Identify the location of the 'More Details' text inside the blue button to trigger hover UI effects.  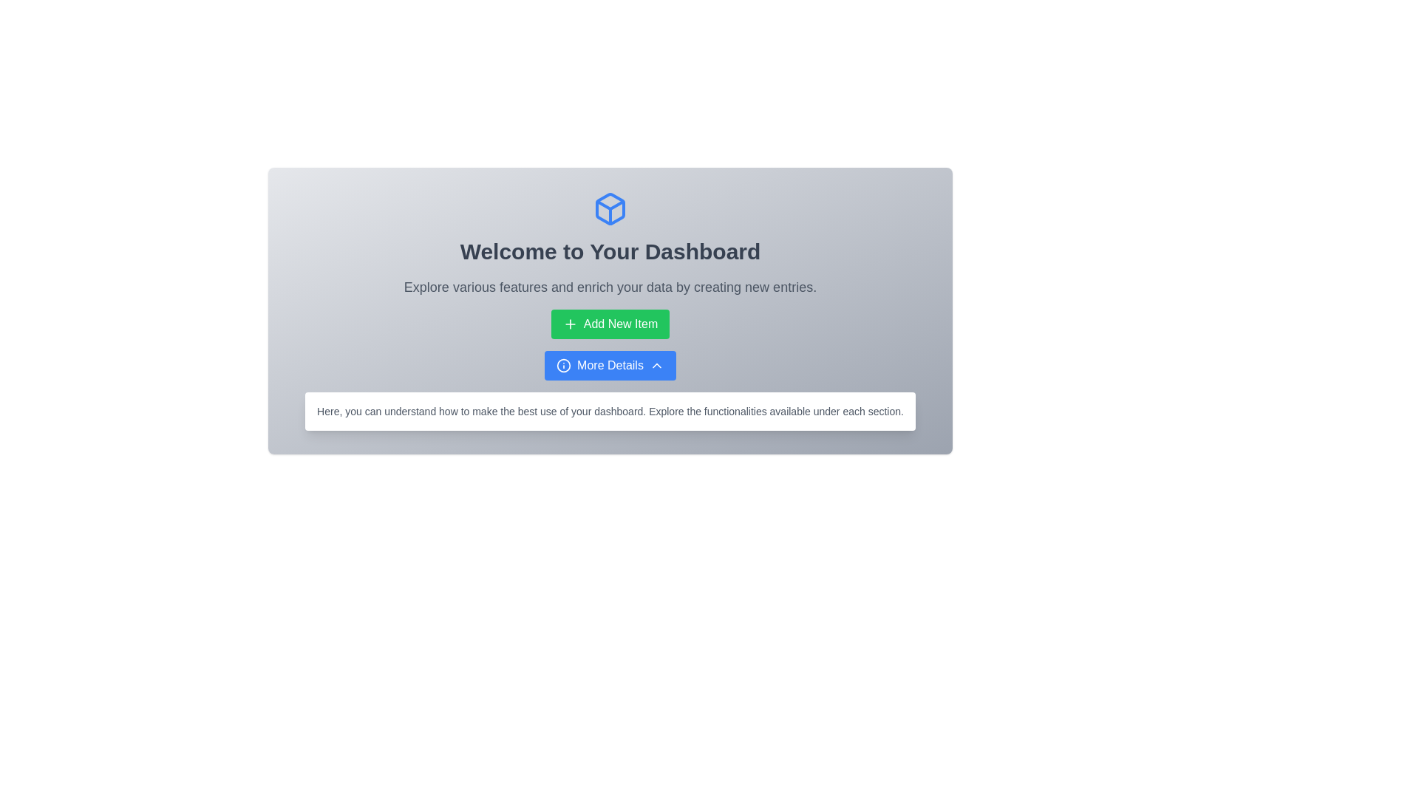
(610, 365).